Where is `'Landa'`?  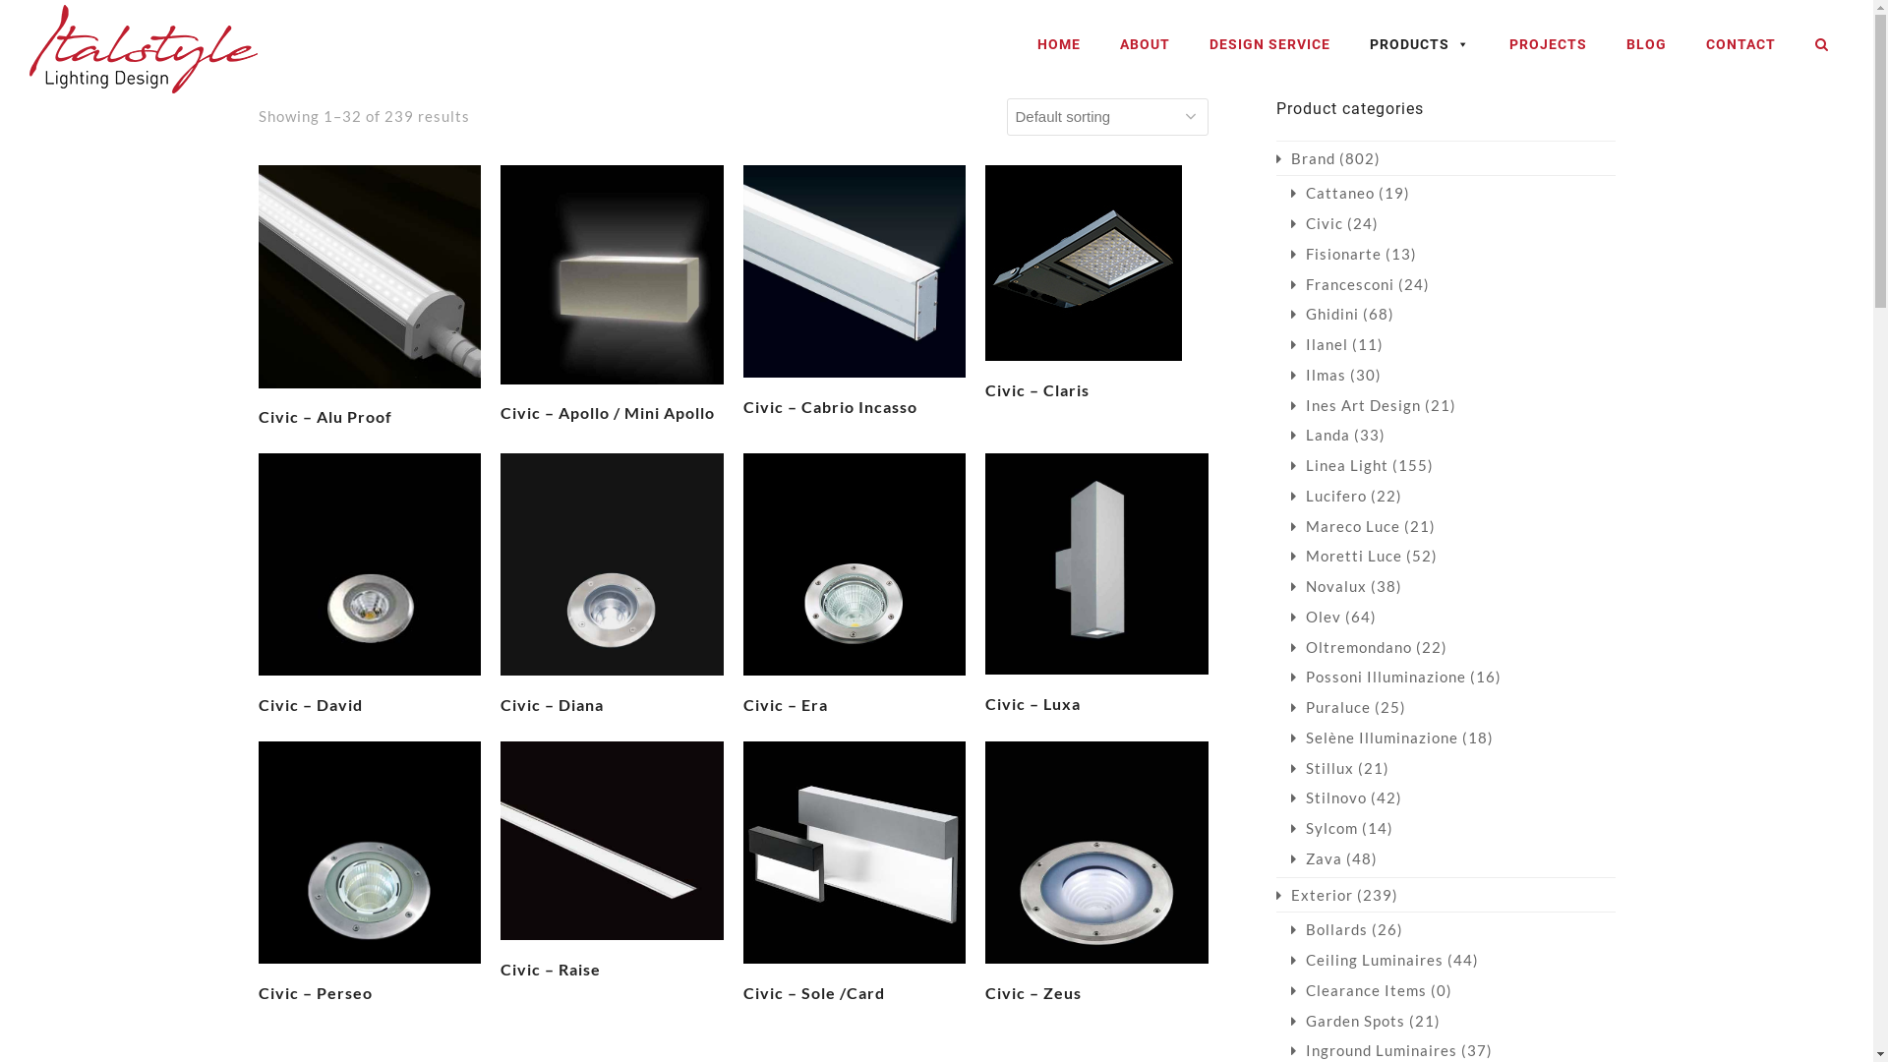 'Landa' is located at coordinates (1320, 434).